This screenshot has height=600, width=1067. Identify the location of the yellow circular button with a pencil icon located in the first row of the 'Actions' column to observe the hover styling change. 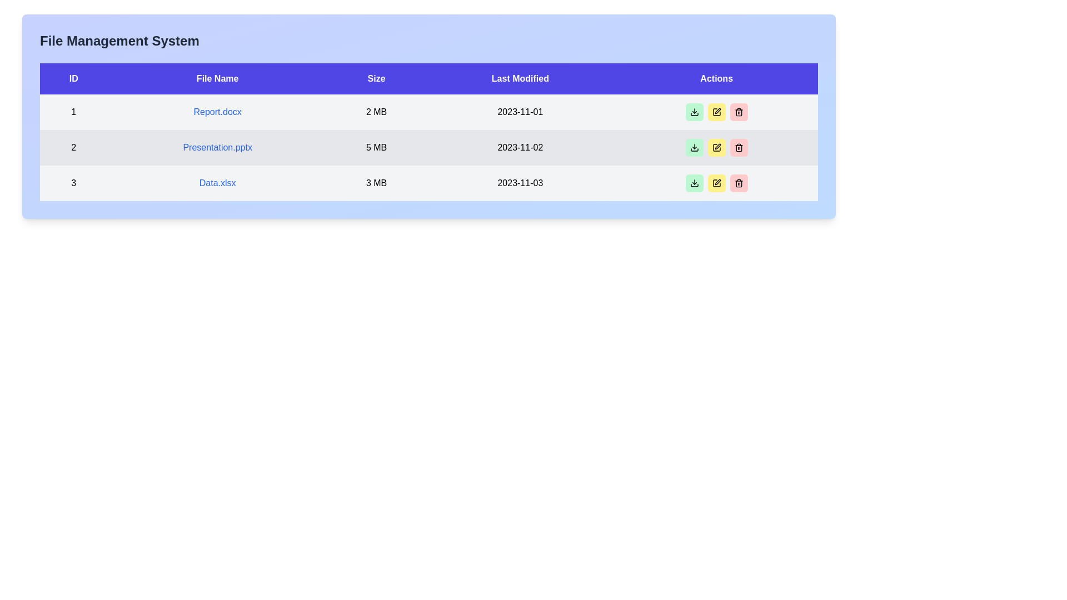
(716, 112).